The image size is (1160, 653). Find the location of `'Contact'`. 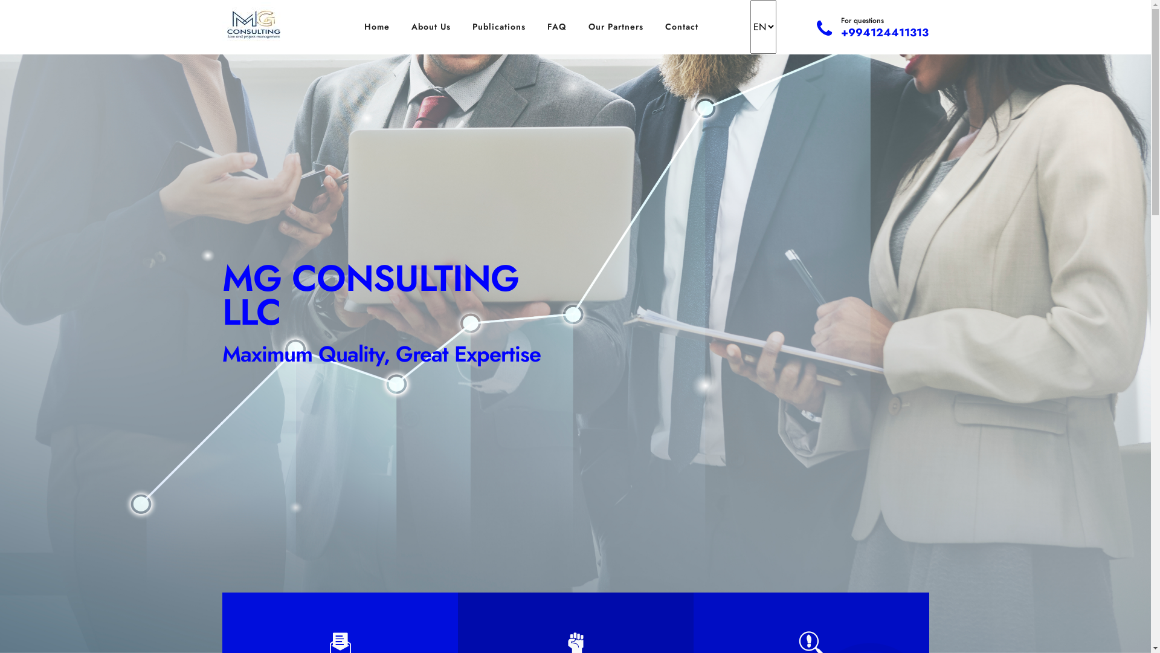

'Contact' is located at coordinates (681, 27).